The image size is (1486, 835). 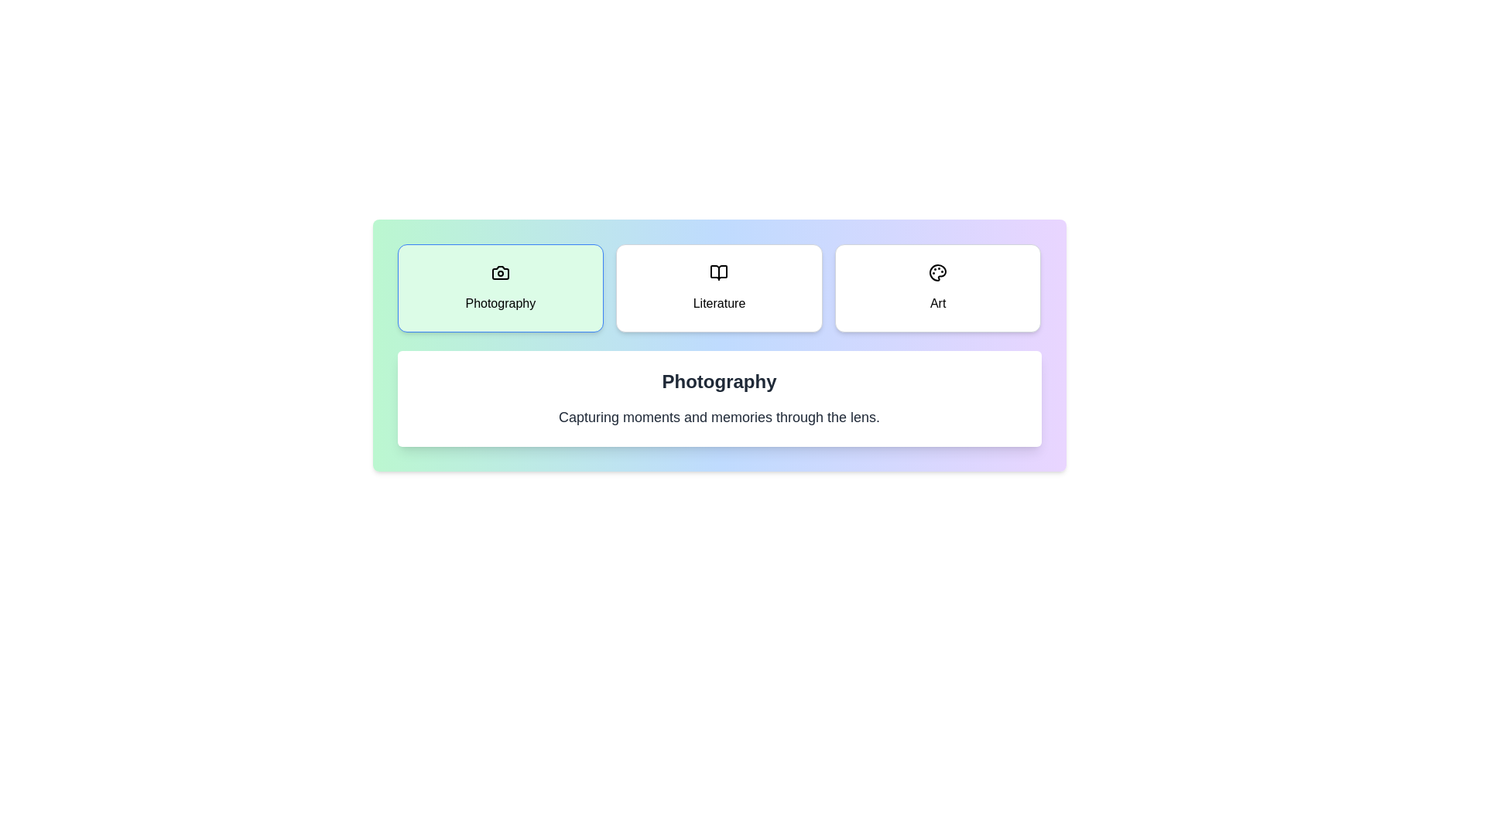 I want to click on the 'Art' category button, which has a rounded white background and a paint palette icon above the text 'Art', positioned as the rightmost element in a trio of buttons, so click(x=937, y=288).